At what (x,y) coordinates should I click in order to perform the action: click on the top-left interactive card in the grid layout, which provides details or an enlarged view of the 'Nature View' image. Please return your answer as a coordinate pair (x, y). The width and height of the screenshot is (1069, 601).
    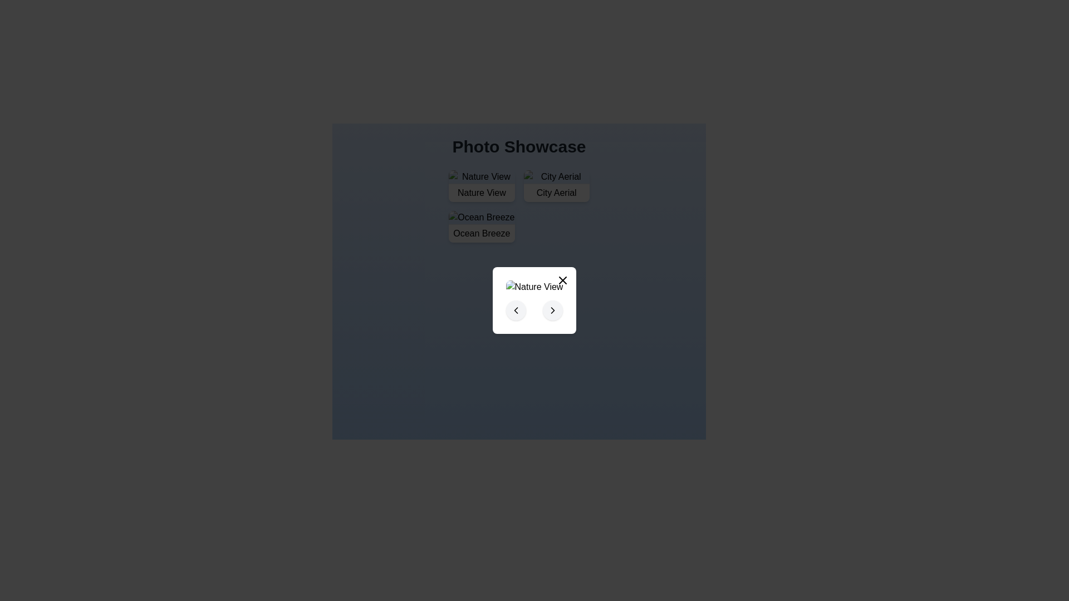
    Looking at the image, I should click on (482, 185).